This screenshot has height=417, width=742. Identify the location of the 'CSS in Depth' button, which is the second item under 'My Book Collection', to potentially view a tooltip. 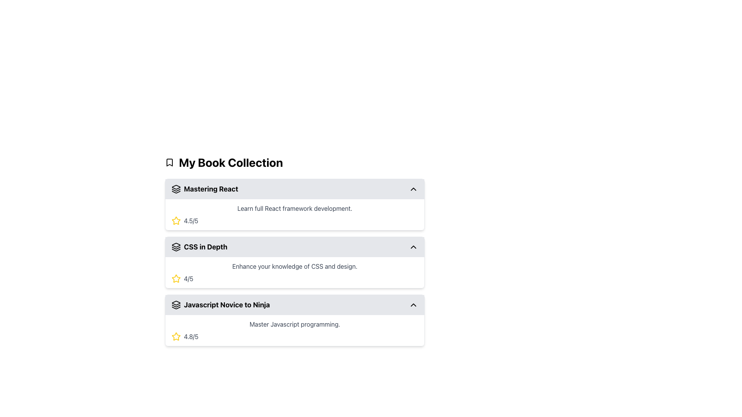
(294, 247).